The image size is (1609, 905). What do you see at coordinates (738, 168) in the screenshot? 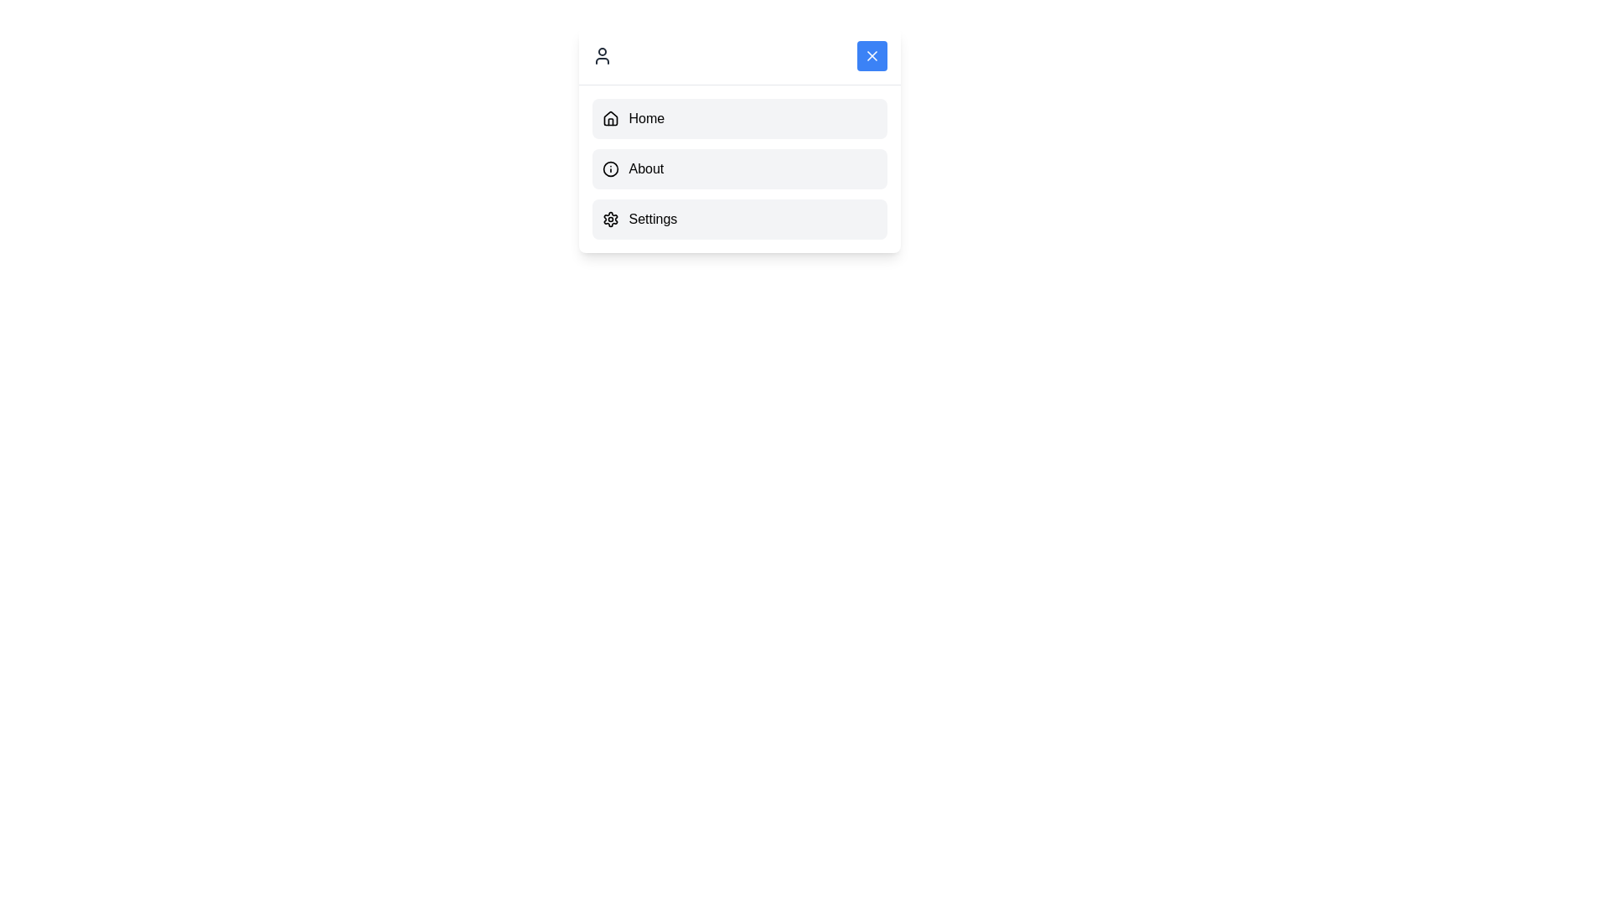
I see `the 'About' button in the menu` at bounding box center [738, 168].